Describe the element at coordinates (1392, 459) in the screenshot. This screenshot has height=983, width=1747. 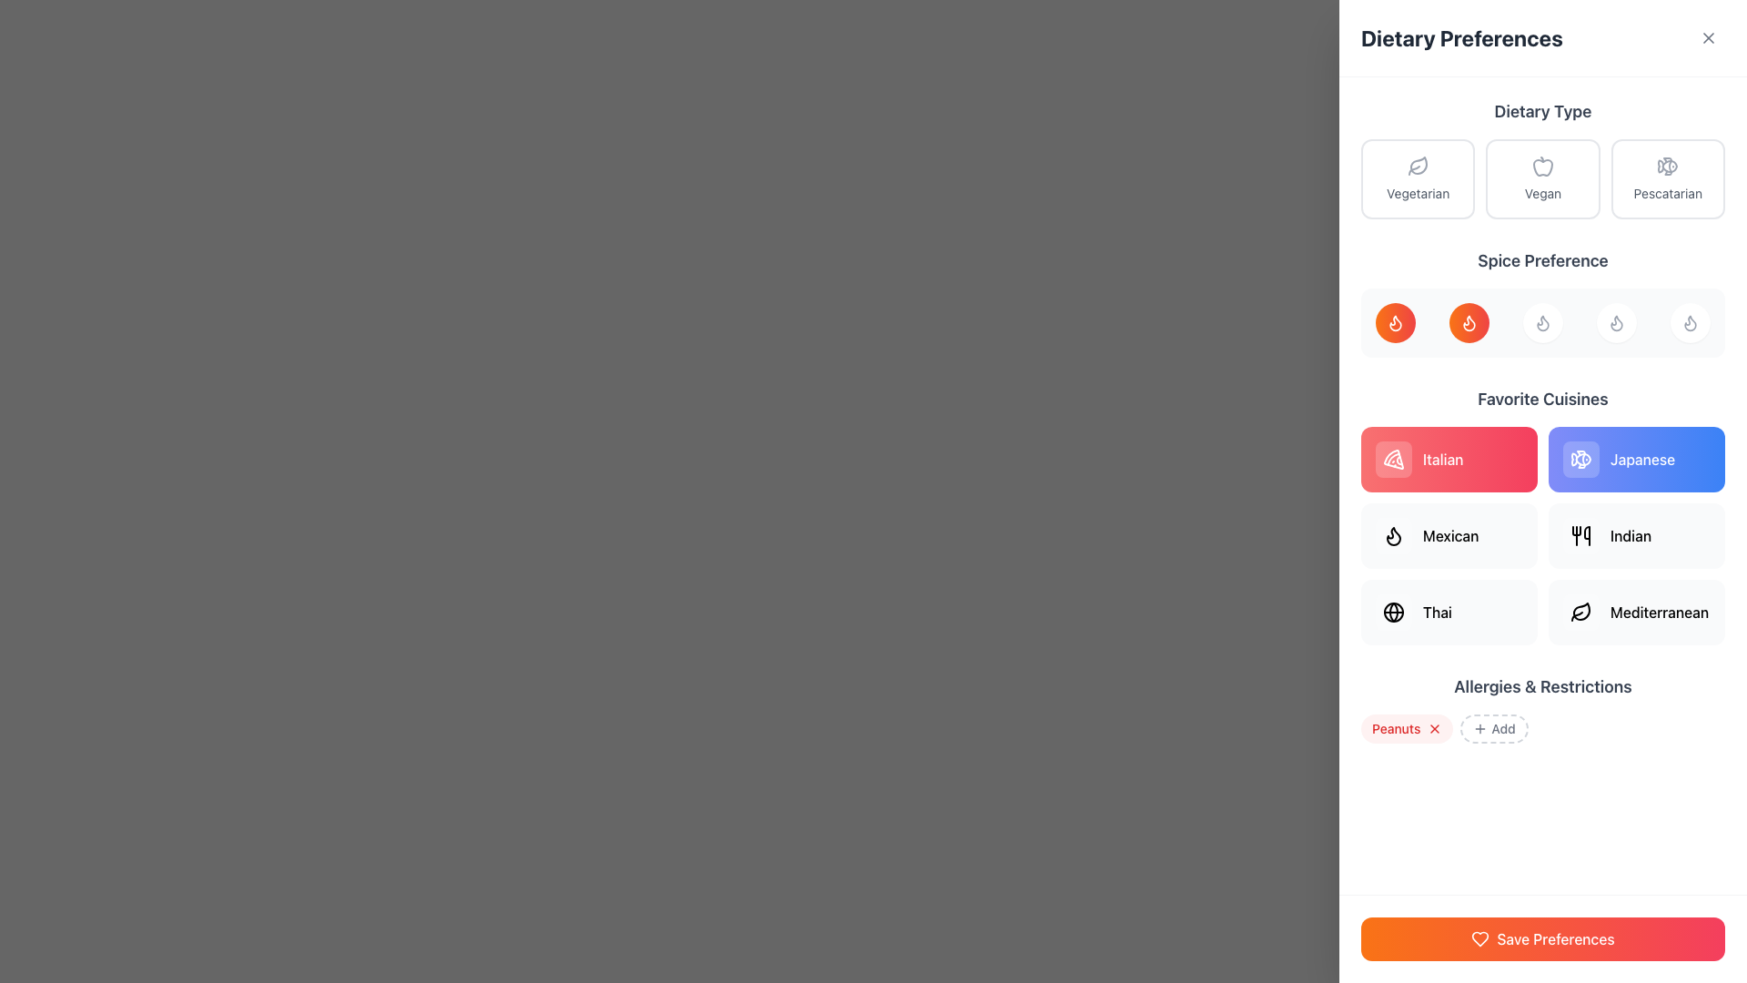
I see `the 'Italian' favorite cuisine button located under the 'Favorite Cuisines' section` at that location.